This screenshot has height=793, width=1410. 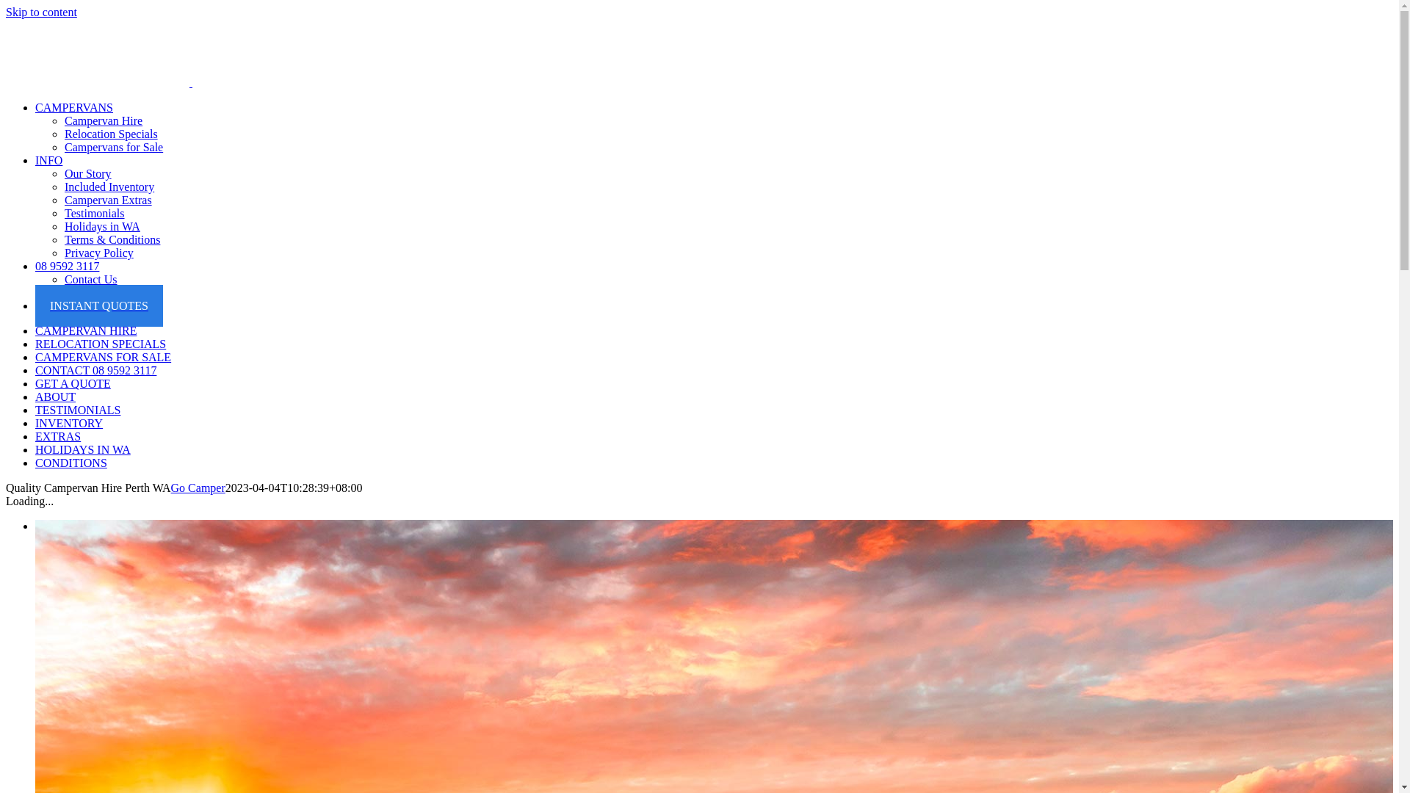 What do you see at coordinates (110, 134) in the screenshot?
I see `'Relocation Specials'` at bounding box center [110, 134].